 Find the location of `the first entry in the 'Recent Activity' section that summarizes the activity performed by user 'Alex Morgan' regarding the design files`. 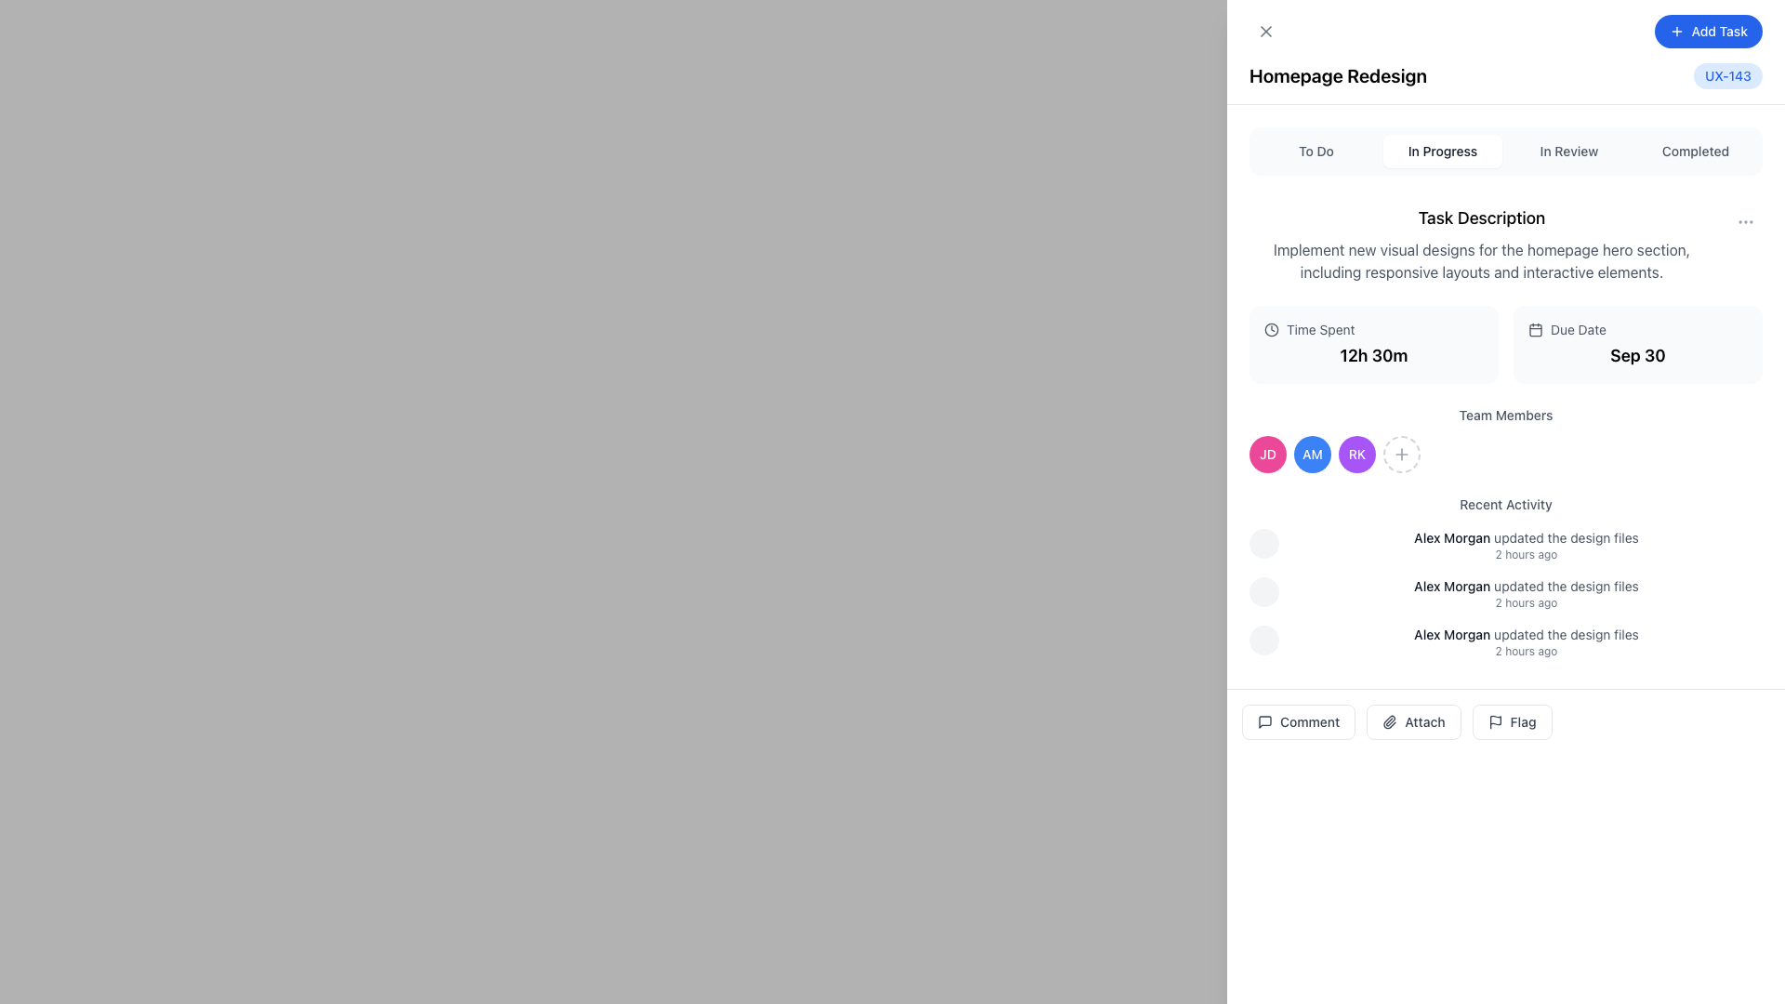

the first entry in the 'Recent Activity' section that summarizes the activity performed by user 'Alex Morgan' regarding the design files is located at coordinates (1506, 544).